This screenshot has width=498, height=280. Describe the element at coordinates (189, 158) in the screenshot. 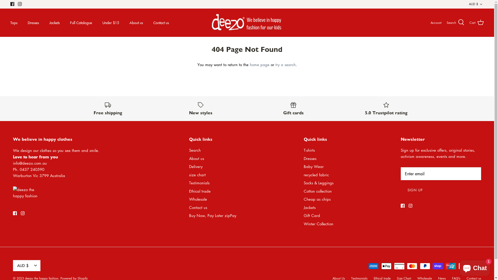

I see `'About us'` at that location.